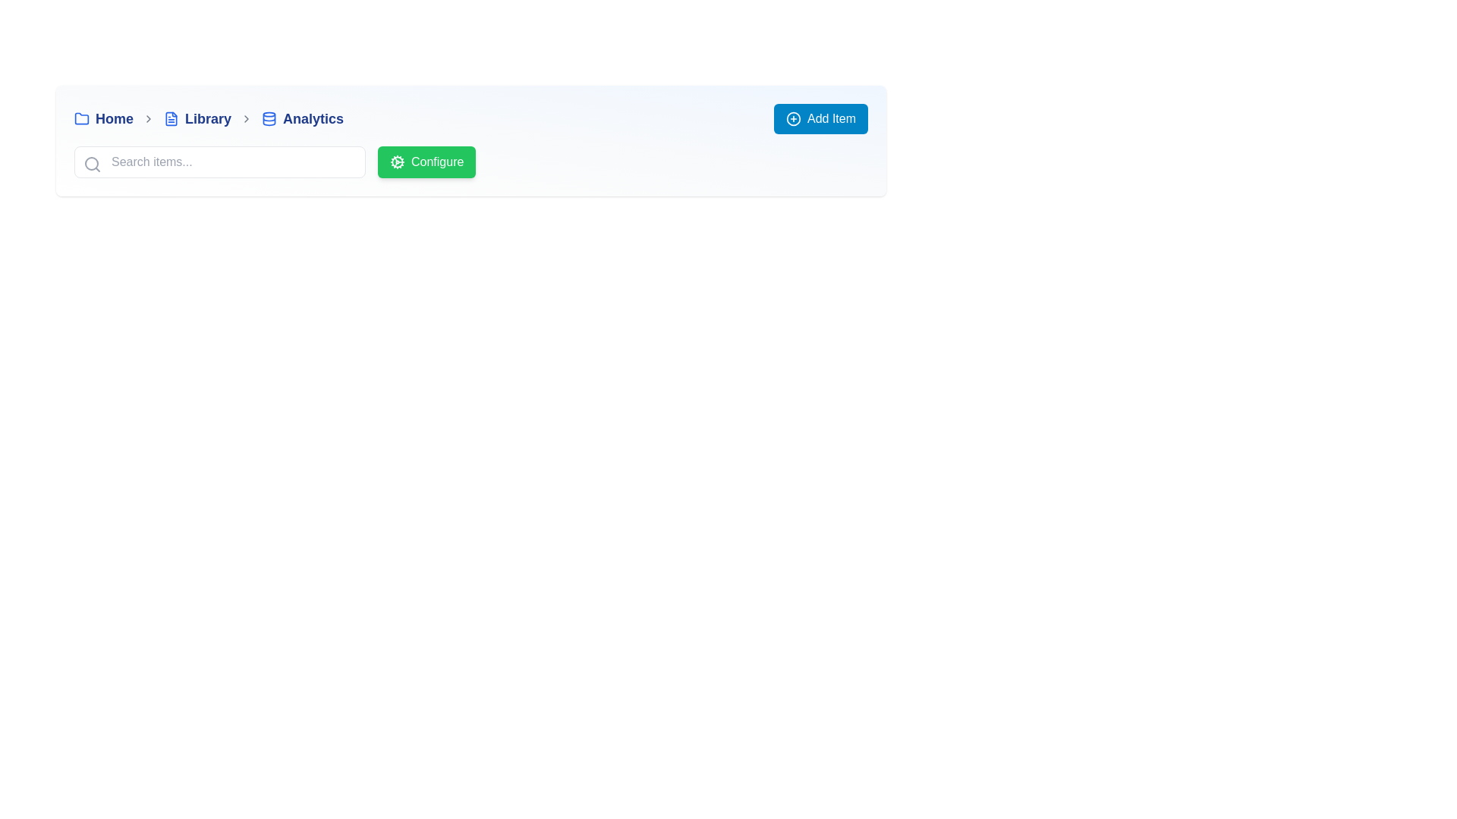 This screenshot has width=1457, height=819. Describe the element at coordinates (302, 118) in the screenshot. I see `the 'Analytics' breadcrumb navigation item` at that location.